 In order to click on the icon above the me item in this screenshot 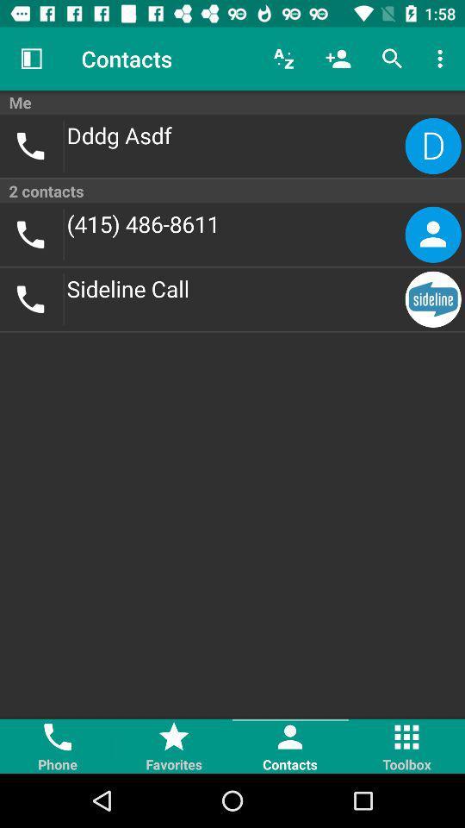, I will do `click(283, 59)`.